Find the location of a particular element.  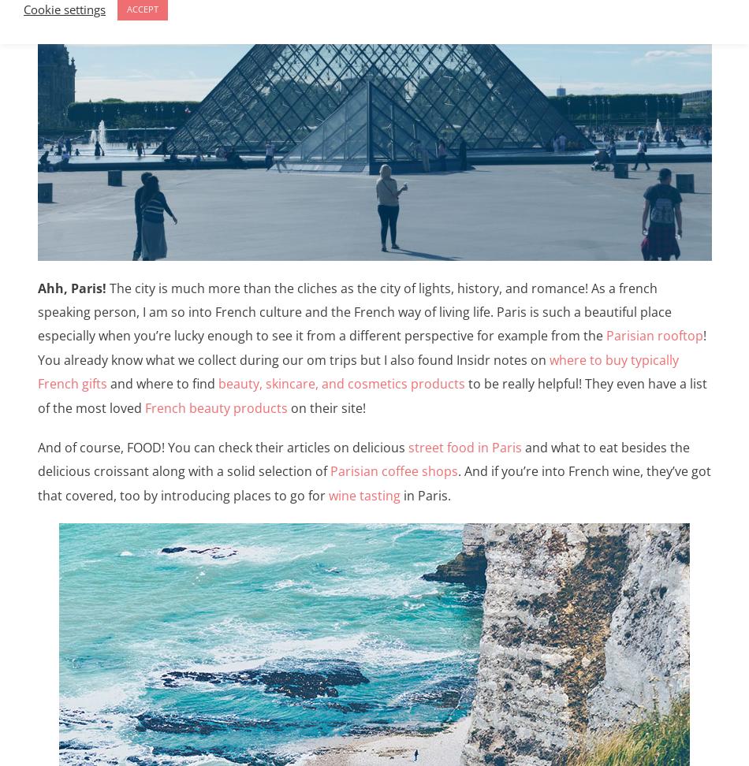

'Cookie settings' is located at coordinates (64, 8).